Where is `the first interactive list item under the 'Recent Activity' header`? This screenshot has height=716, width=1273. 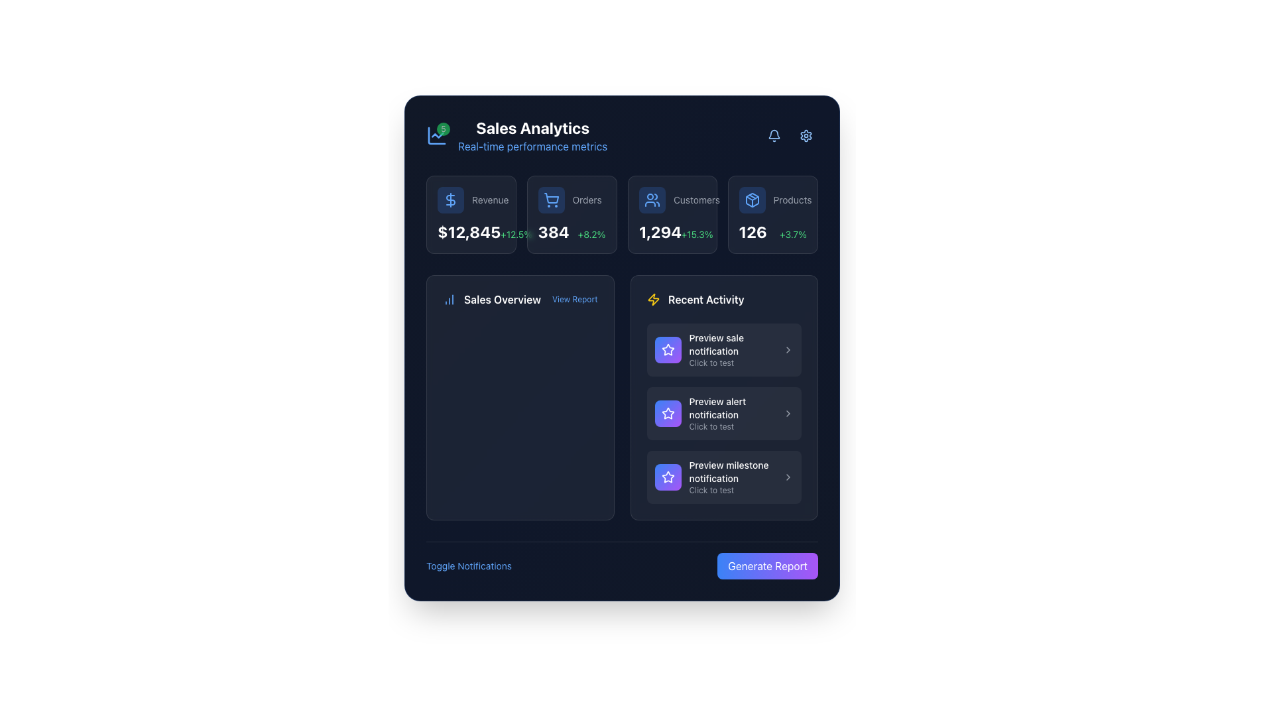 the first interactive list item under the 'Recent Activity' header is located at coordinates (723, 349).